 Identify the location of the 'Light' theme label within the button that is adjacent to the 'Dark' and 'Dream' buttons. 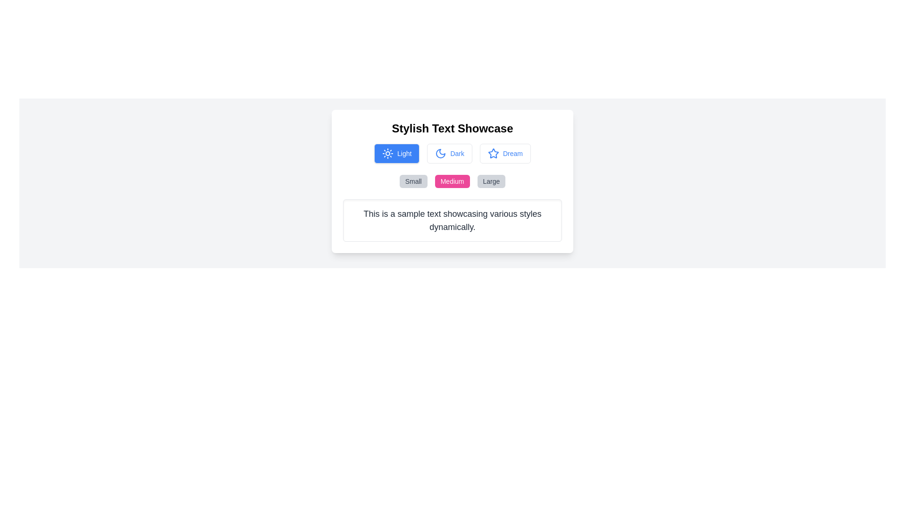
(404, 153).